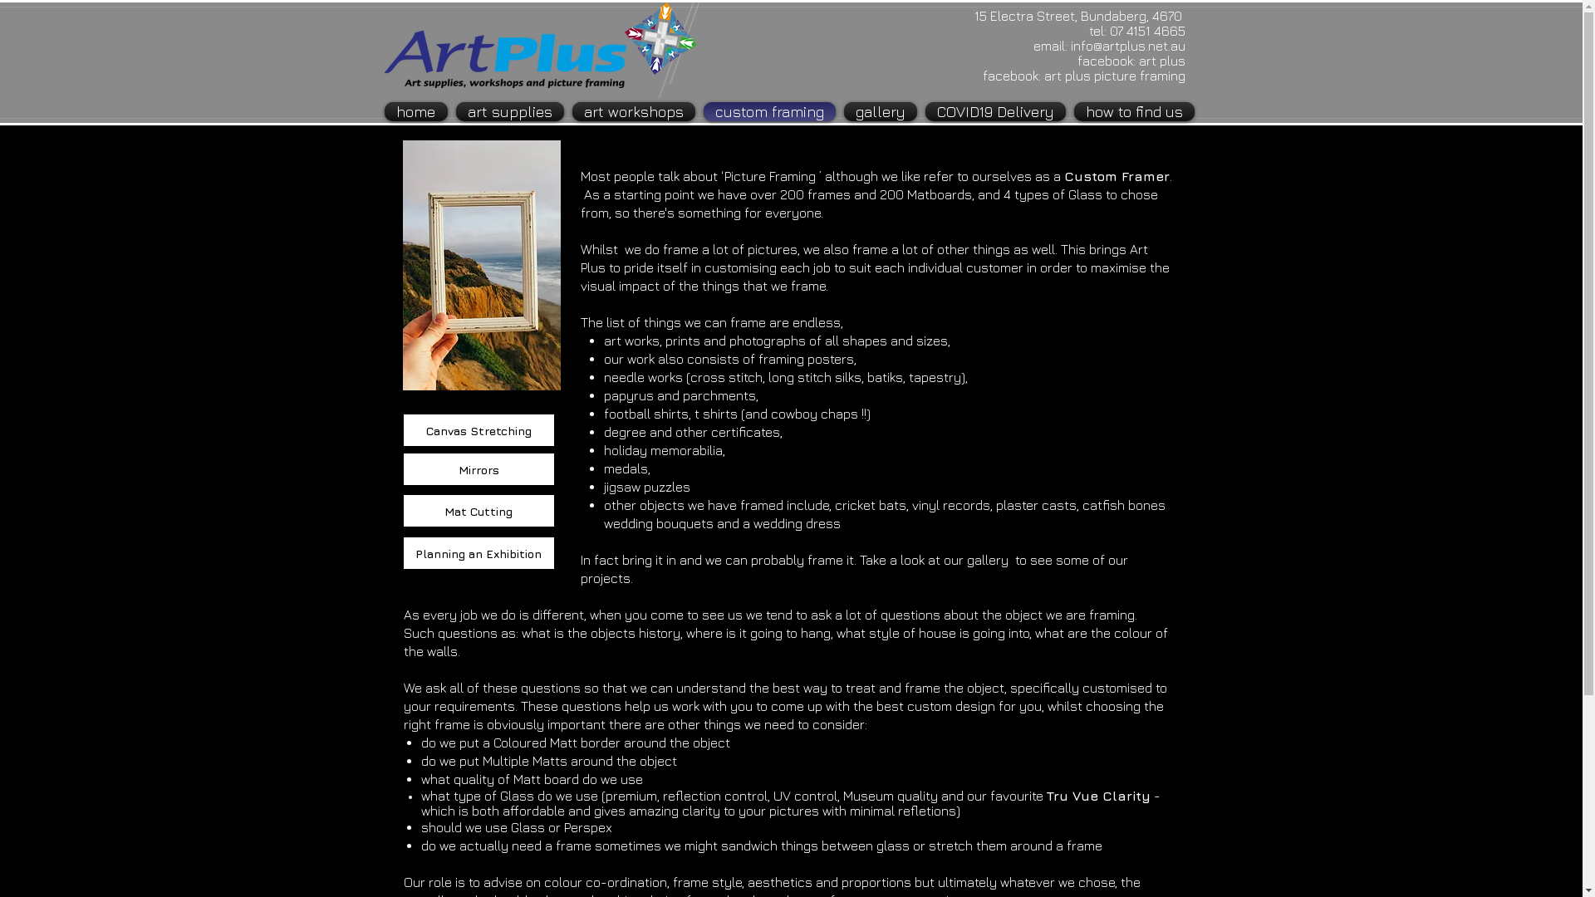 The image size is (1595, 897). Describe the element at coordinates (1131, 111) in the screenshot. I see `'how to find us'` at that location.